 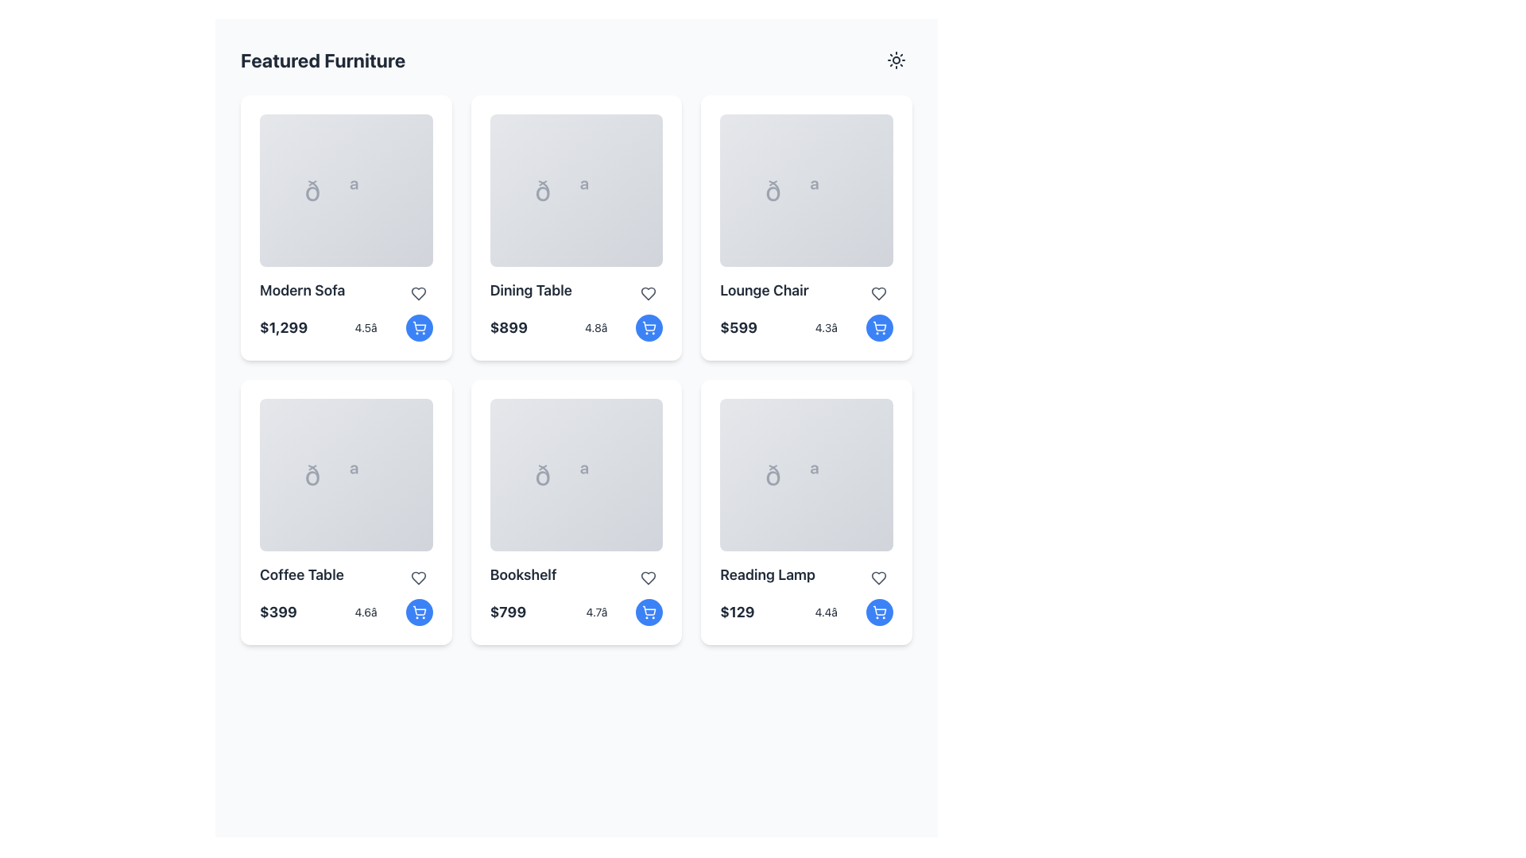 What do you see at coordinates (807, 189) in the screenshot?
I see `the large gray emoji or symbol located in the 'Lounge Chair' card within the third column of the featured furniture grid` at bounding box center [807, 189].